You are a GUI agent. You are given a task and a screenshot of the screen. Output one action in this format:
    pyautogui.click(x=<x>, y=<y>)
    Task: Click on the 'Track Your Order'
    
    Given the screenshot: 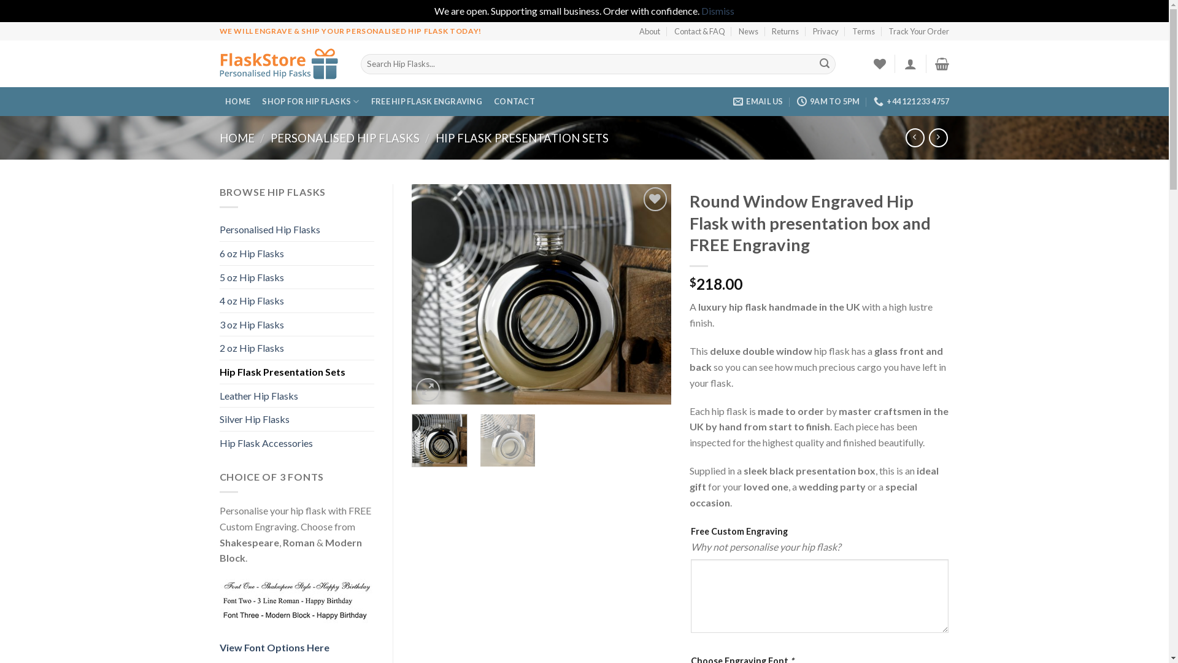 What is the action you would take?
    pyautogui.click(x=918, y=30)
    